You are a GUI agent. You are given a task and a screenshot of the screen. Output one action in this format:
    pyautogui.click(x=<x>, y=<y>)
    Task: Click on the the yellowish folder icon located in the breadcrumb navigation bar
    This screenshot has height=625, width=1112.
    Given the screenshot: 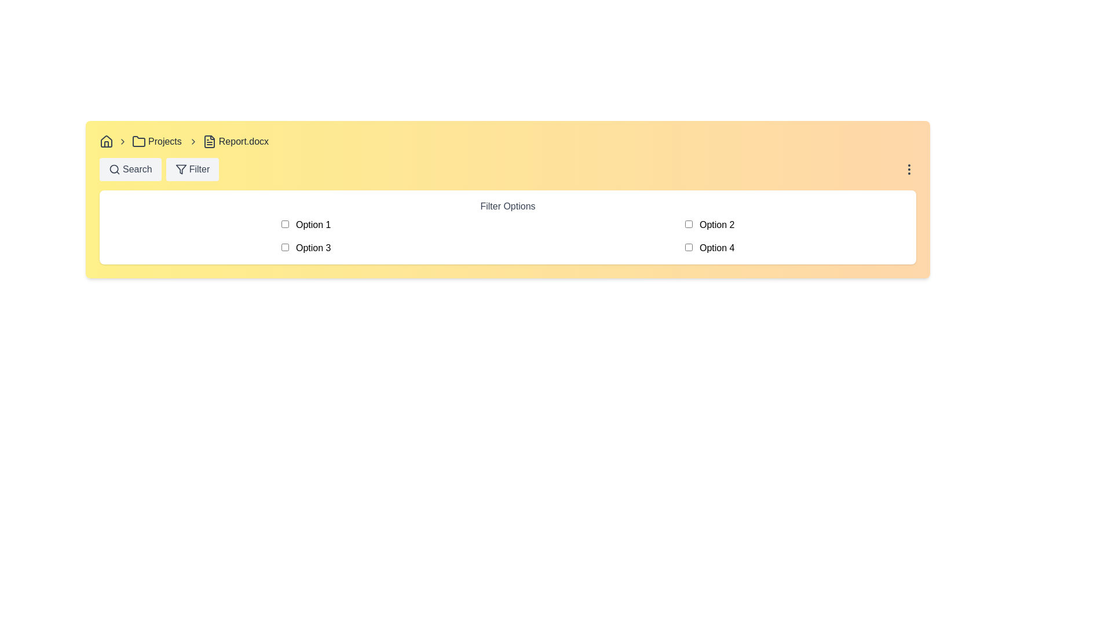 What is the action you would take?
    pyautogui.click(x=139, y=141)
    